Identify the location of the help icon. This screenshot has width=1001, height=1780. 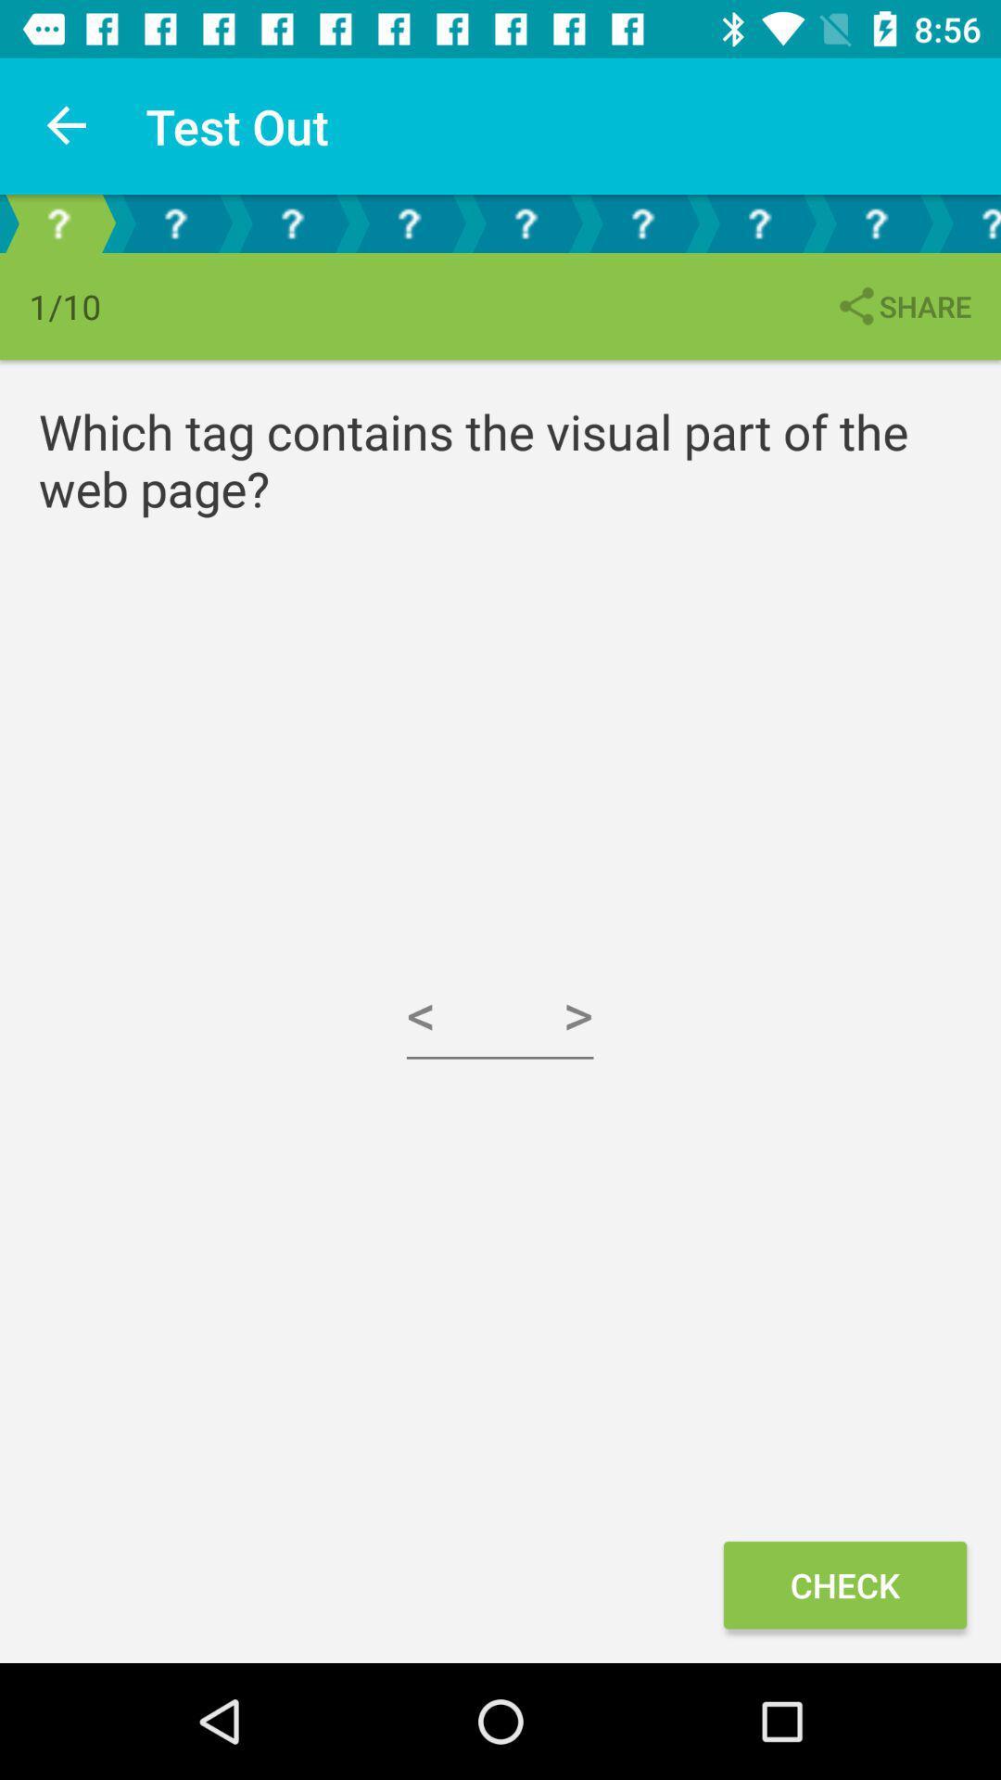
(967, 222).